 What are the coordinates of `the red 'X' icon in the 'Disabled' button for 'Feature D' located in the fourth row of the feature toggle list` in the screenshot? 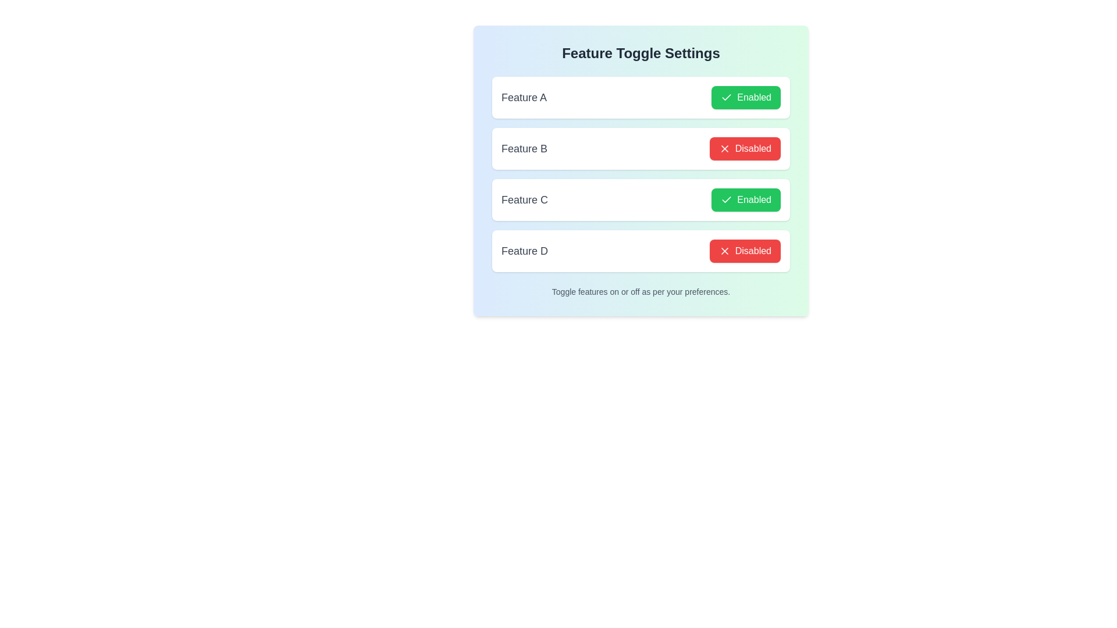 It's located at (724, 148).